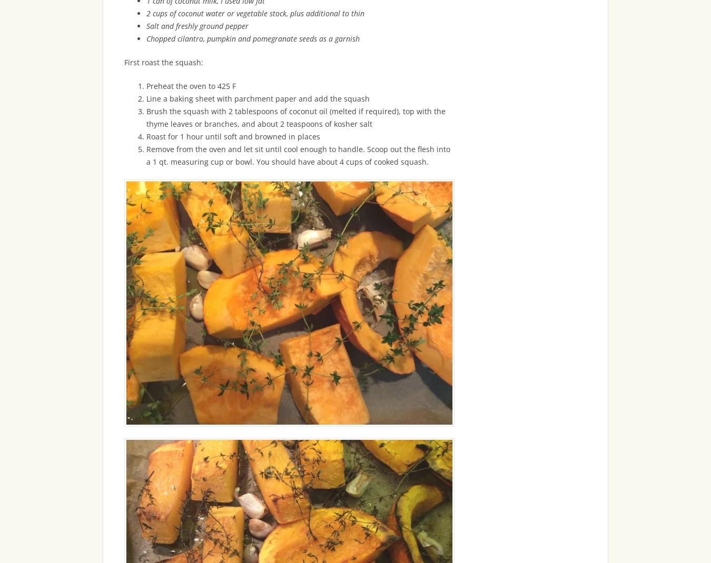 This screenshot has width=711, height=563. I want to click on 'Remove from the oven and let sit until cool enough to handle. Scoop out the flesh into a 1 qt. measuring cup or bowl. You should have about 4 cups of cooked squash.', so click(145, 155).